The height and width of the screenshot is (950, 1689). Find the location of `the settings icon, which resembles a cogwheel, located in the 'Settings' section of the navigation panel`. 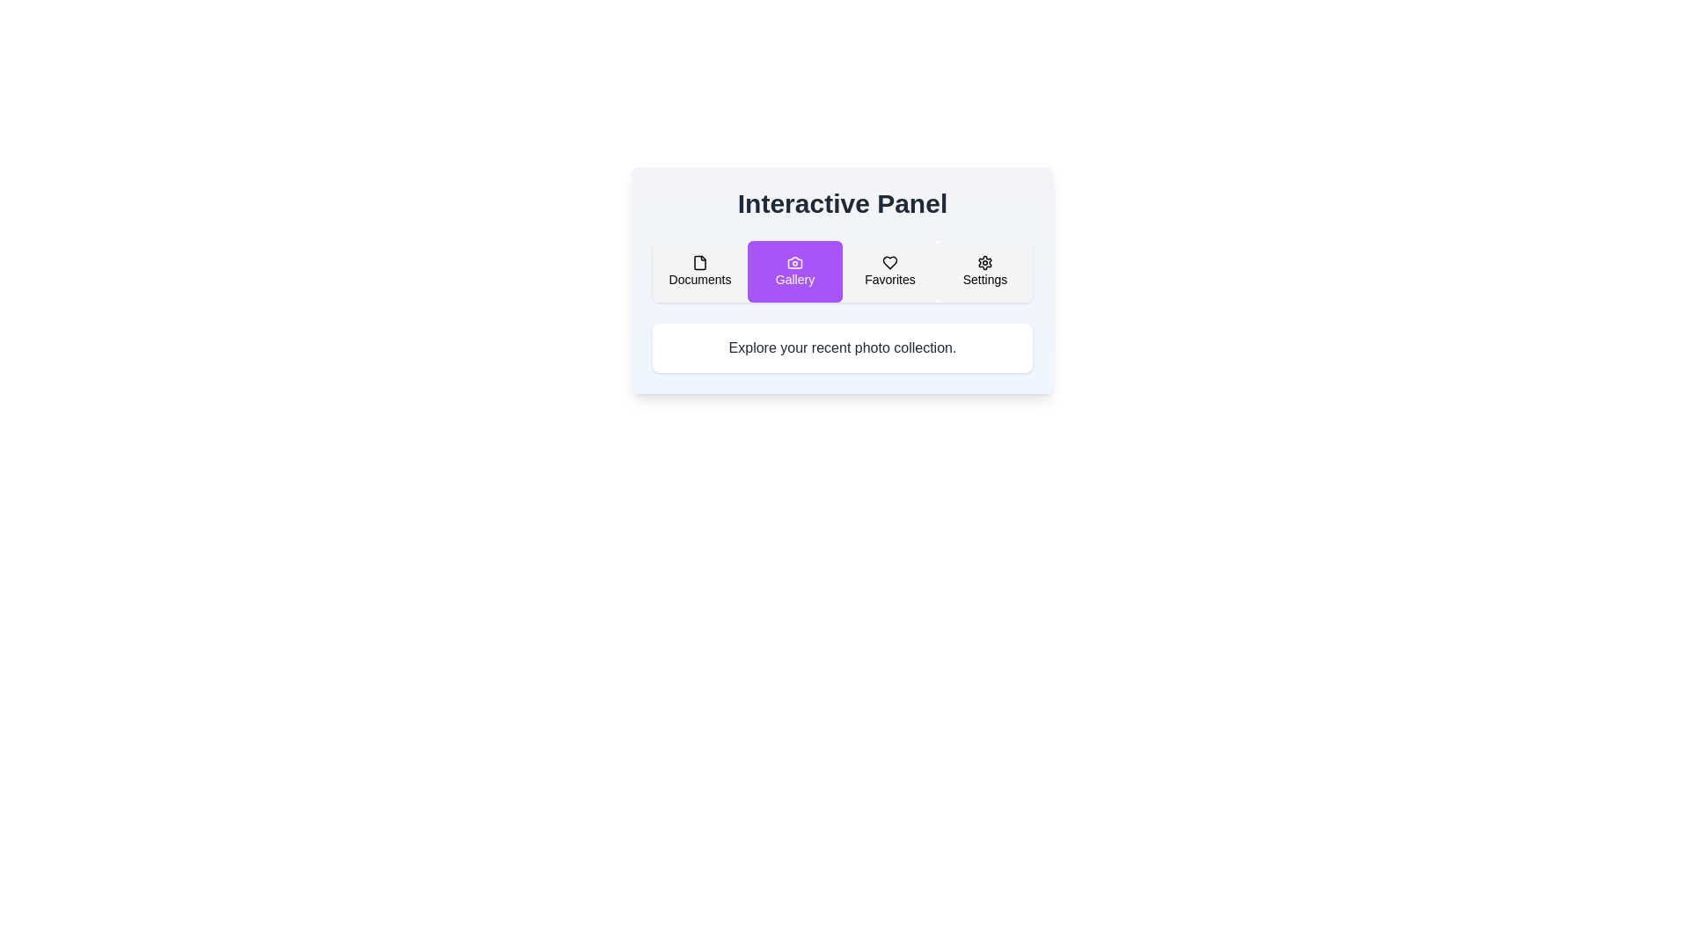

the settings icon, which resembles a cogwheel, located in the 'Settings' section of the navigation panel is located at coordinates (983, 263).